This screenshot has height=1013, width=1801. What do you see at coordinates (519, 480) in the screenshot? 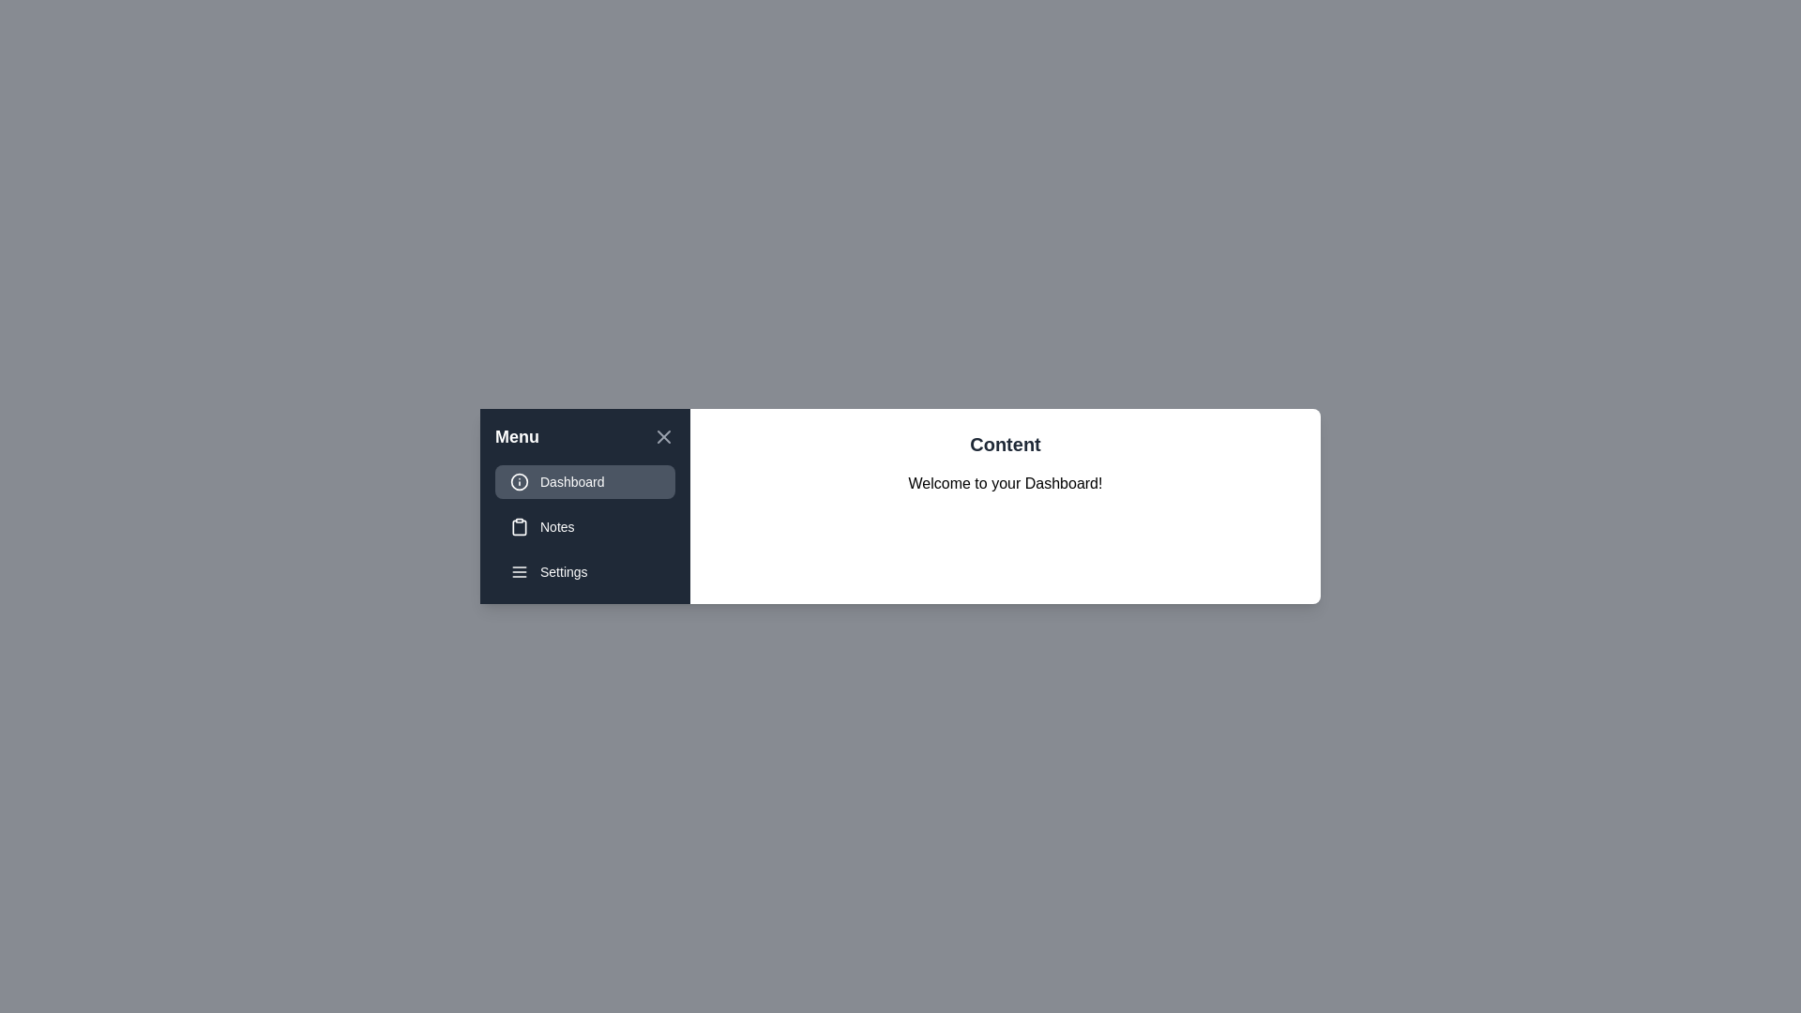
I see `the presence of the information icon, which is a small rounded icon resembling an information symbol located in the menu section of the 'Dashboard'` at bounding box center [519, 480].